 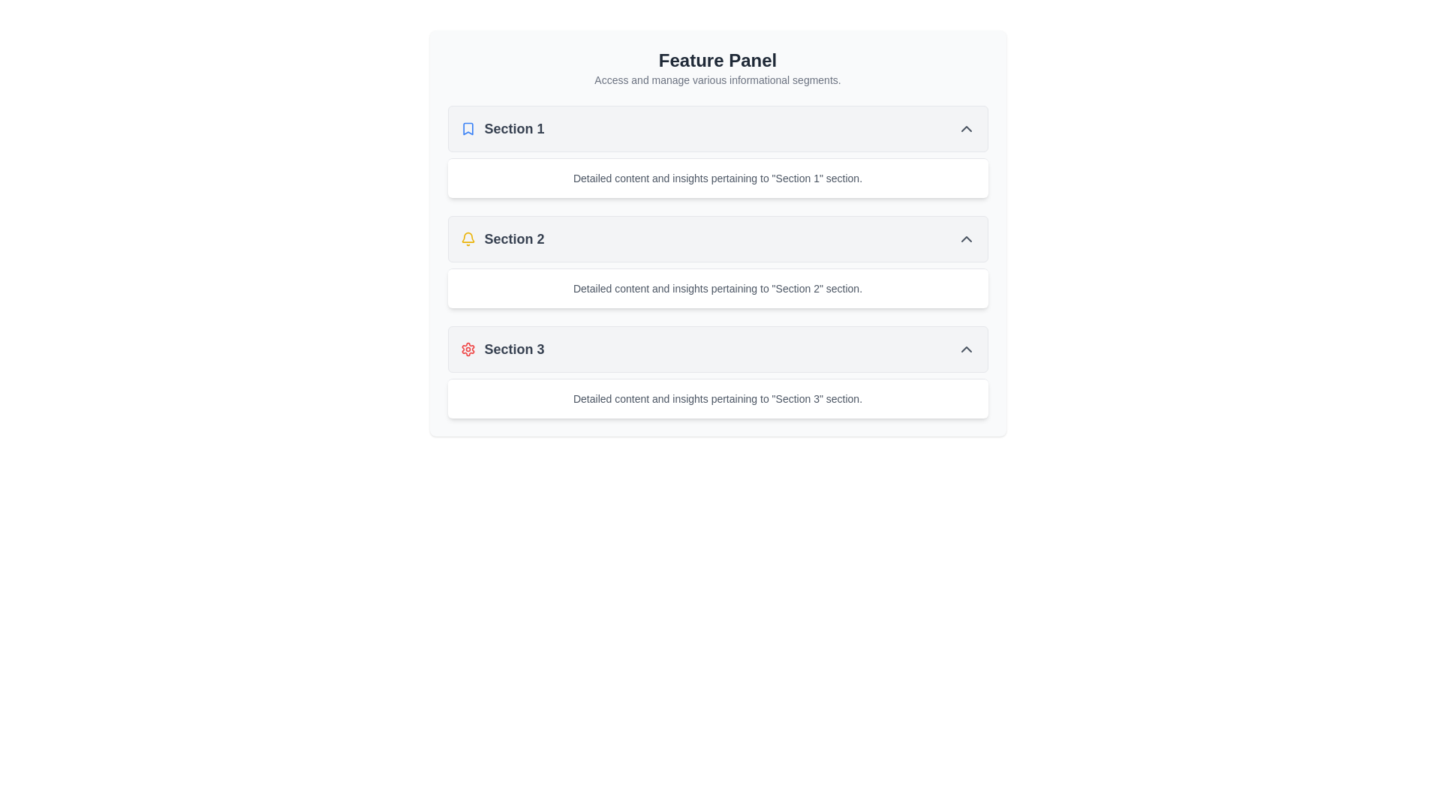 I want to click on the 'Section 1' label, which is a blue bookmark icon followed by bolded text, so click(x=502, y=128).